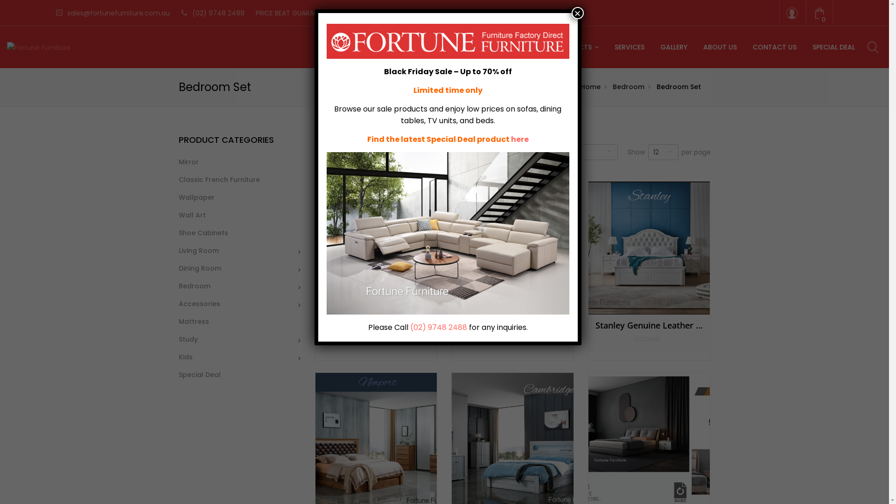  What do you see at coordinates (218, 178) in the screenshot?
I see `'Classic French Furniture'` at bounding box center [218, 178].